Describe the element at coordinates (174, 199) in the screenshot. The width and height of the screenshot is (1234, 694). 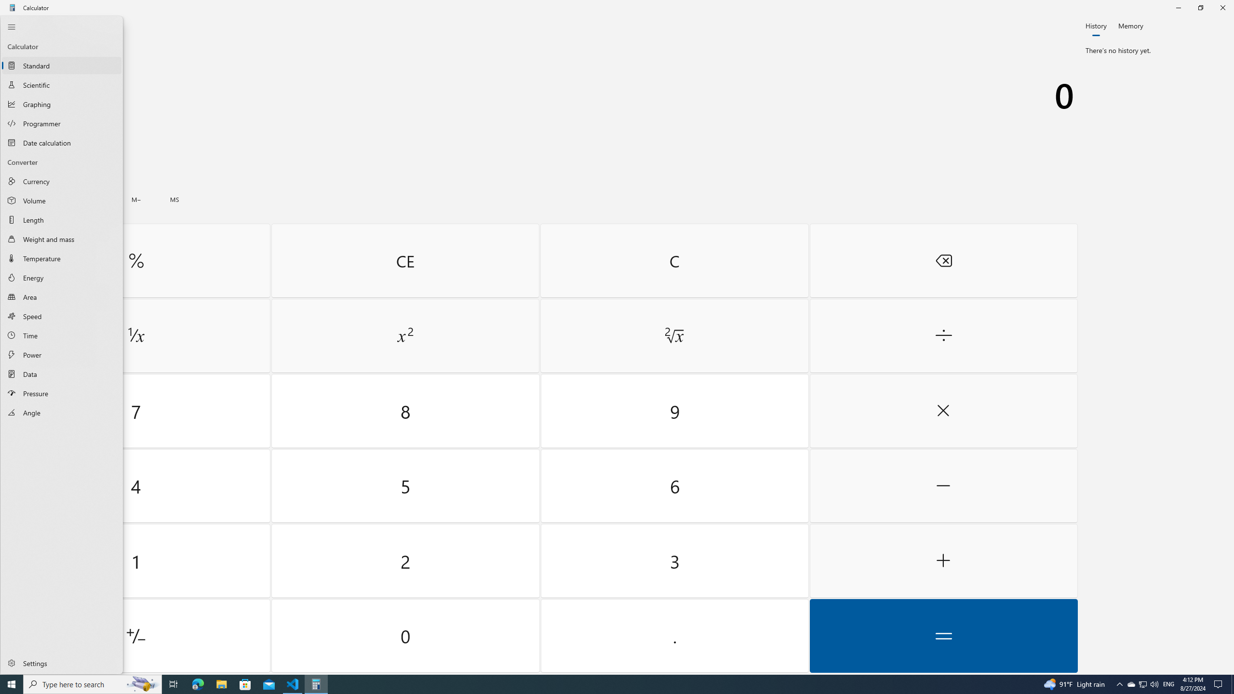
I see `'Memory store'` at that location.